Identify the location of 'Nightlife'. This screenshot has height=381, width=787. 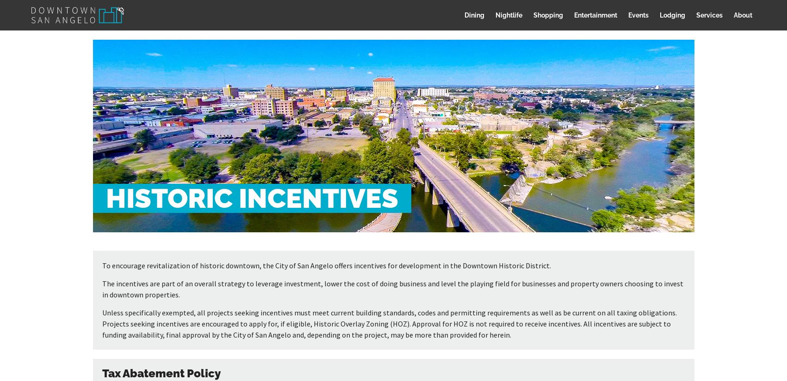
(508, 14).